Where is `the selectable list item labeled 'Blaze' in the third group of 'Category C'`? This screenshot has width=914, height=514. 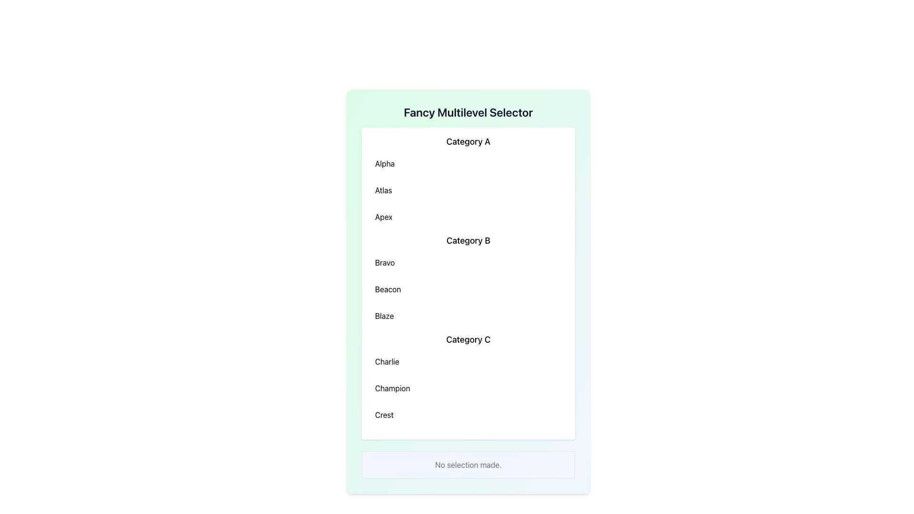 the selectable list item labeled 'Blaze' in the third group of 'Category C' is located at coordinates (384, 316).